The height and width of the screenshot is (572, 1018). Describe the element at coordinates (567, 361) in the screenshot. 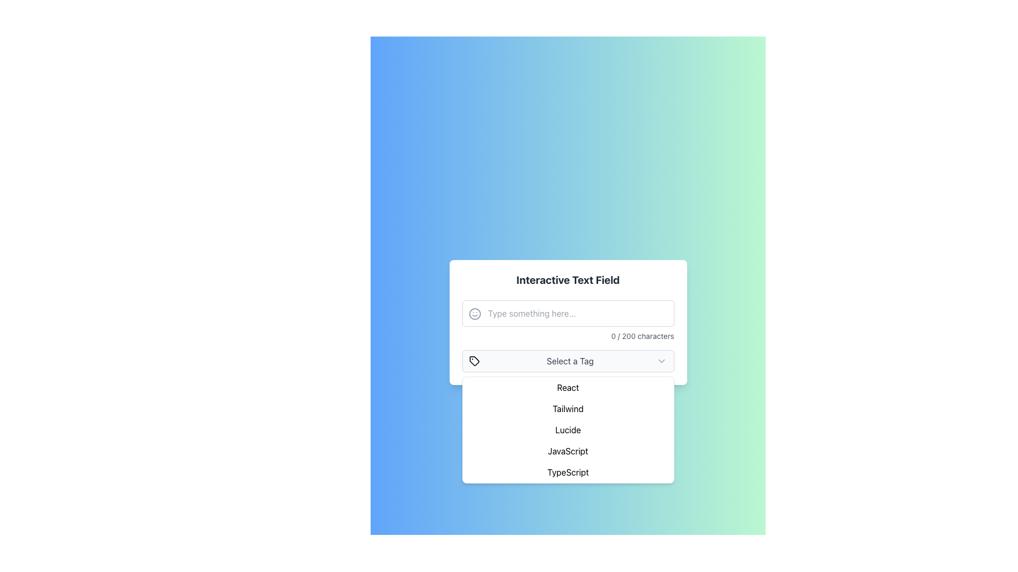

I see `the dropdown menu located below the input text field and character count indicator` at that location.